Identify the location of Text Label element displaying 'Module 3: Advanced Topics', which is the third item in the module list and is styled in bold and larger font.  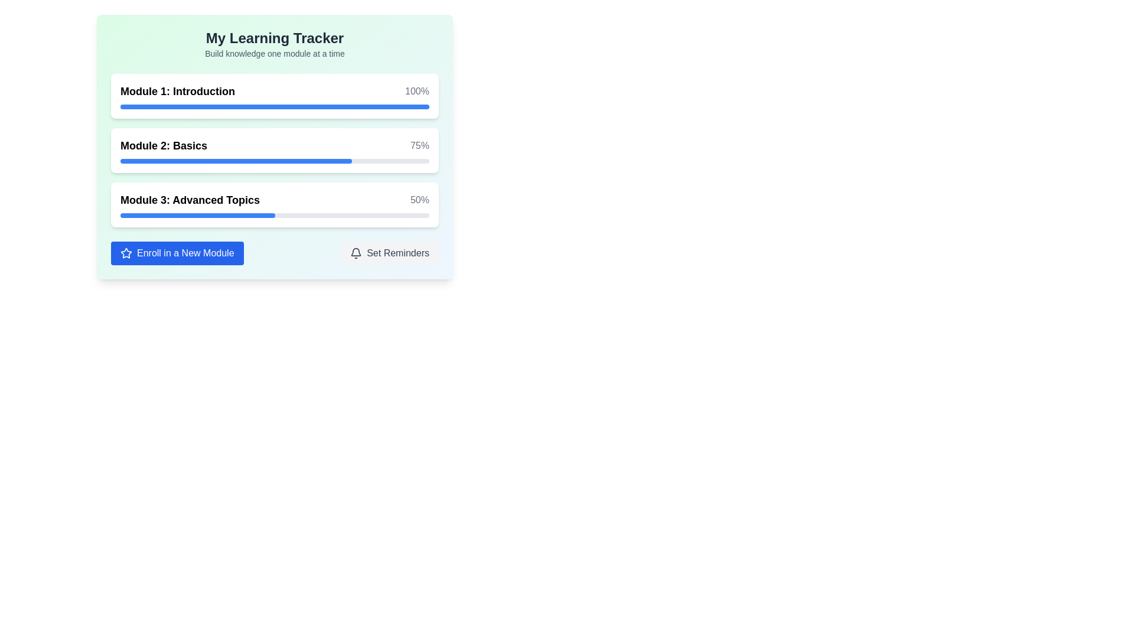
(190, 200).